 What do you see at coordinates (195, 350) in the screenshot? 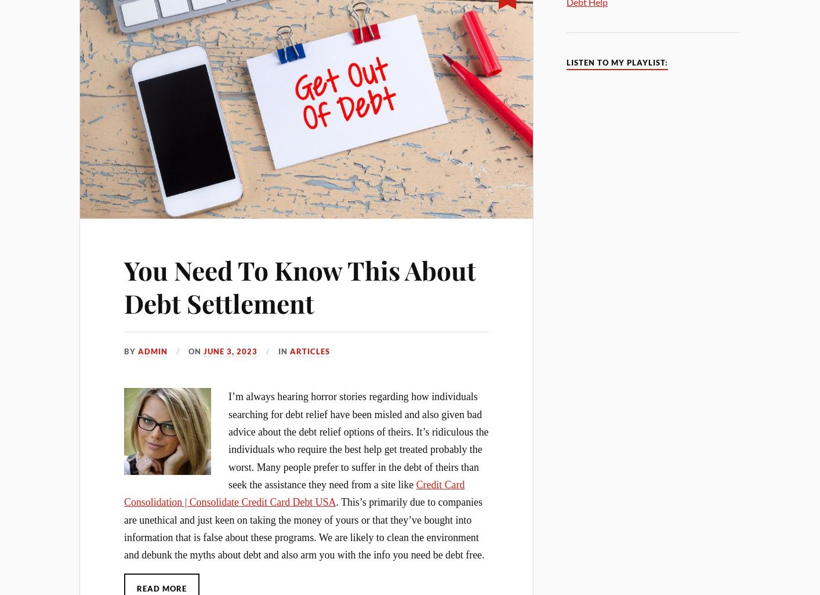
I see `'On'` at bounding box center [195, 350].